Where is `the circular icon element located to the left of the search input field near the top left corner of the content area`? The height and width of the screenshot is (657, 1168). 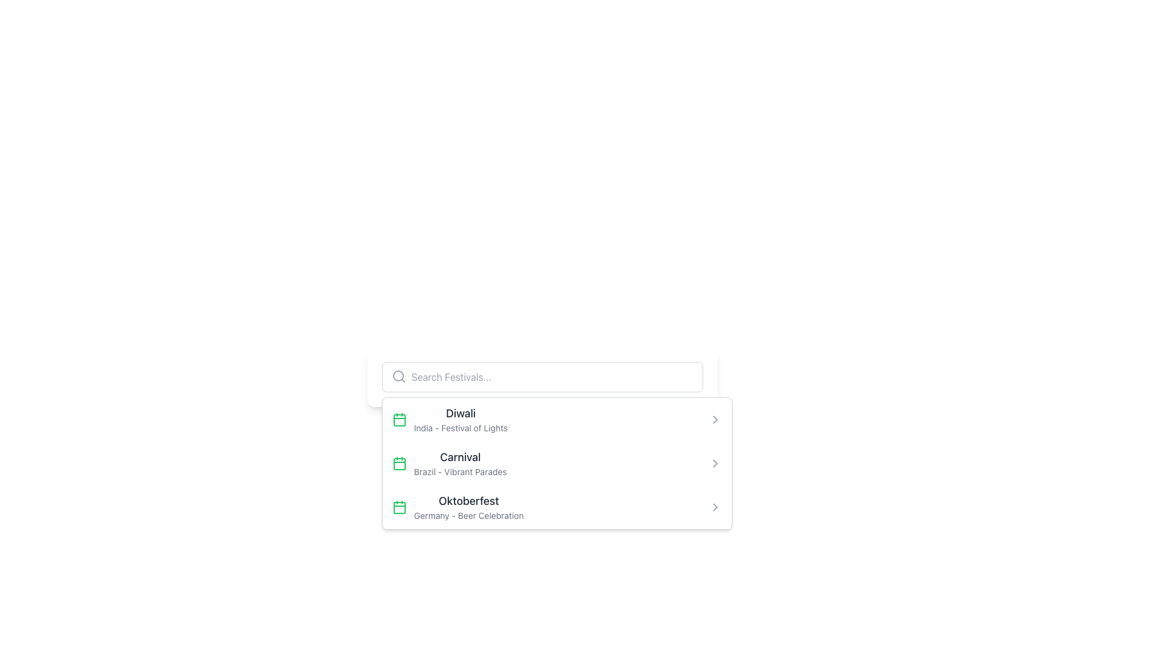 the circular icon element located to the left of the search input field near the top left corner of the content area is located at coordinates (398, 375).